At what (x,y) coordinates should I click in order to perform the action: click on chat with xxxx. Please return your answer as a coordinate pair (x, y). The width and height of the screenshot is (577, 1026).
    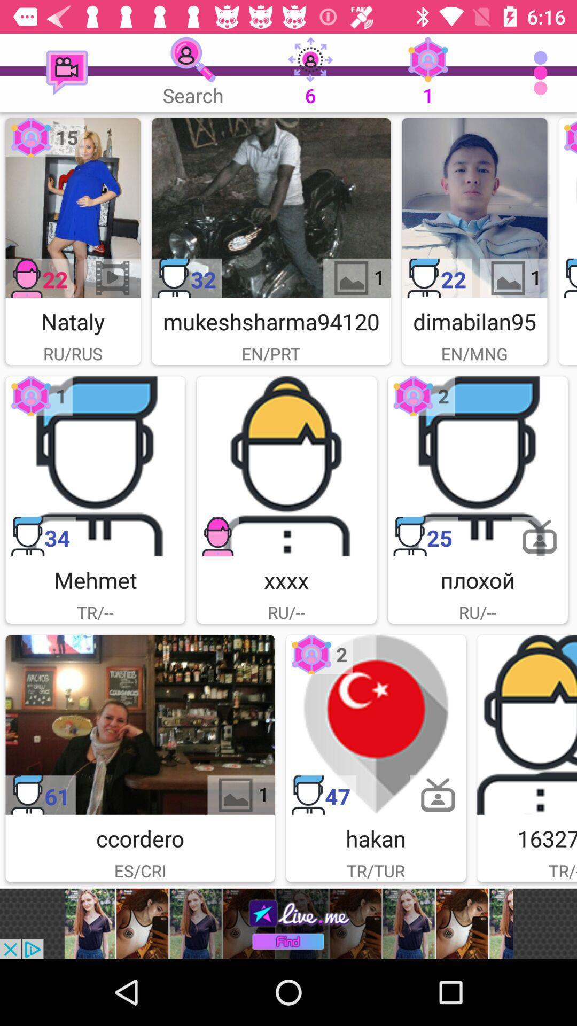
    Looking at the image, I should click on (286, 466).